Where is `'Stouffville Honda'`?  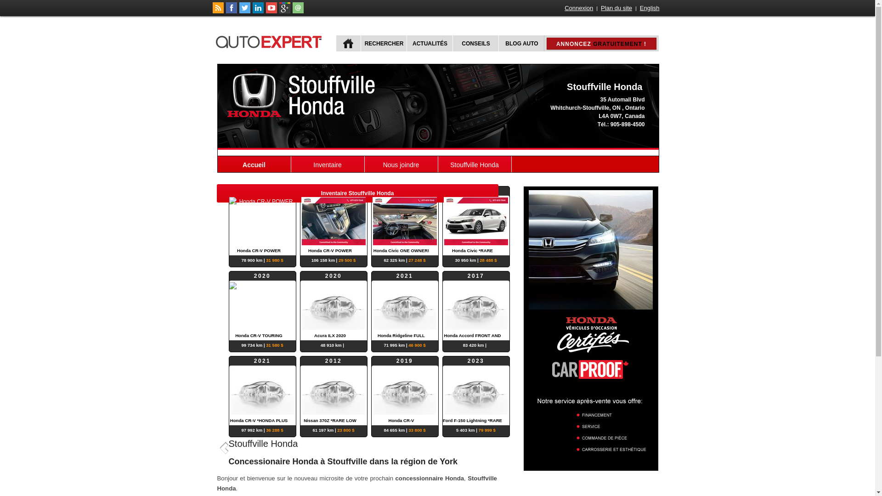 'Stouffville Honda' is located at coordinates (475, 163).